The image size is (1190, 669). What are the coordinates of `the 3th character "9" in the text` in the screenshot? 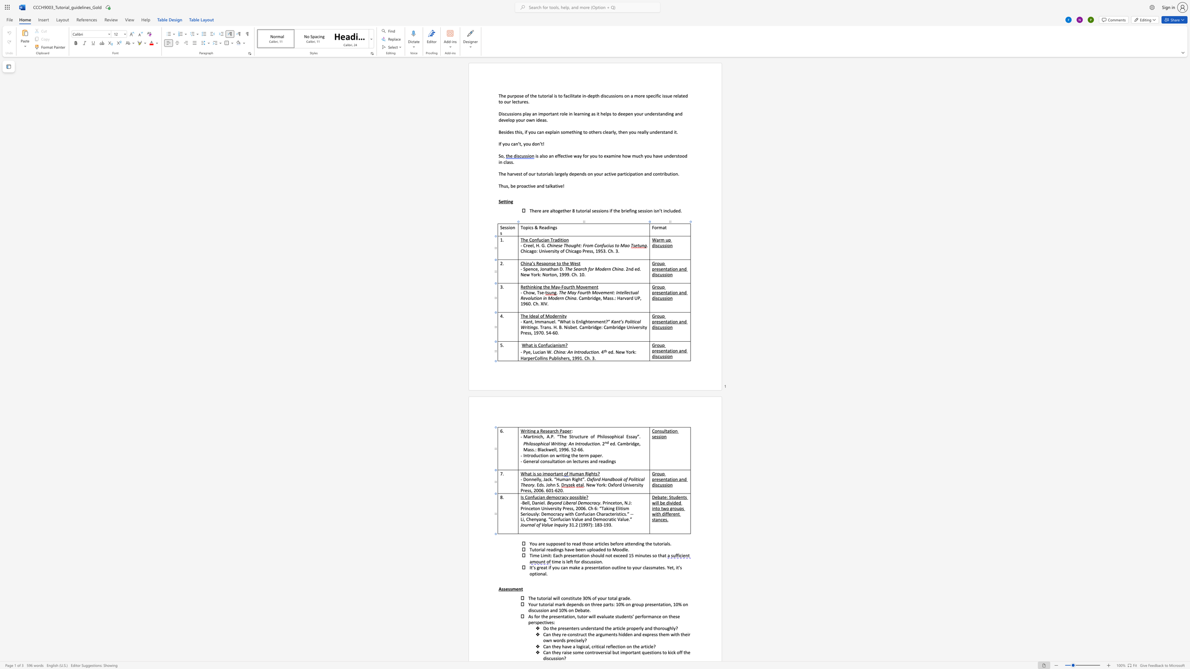 It's located at (607, 524).